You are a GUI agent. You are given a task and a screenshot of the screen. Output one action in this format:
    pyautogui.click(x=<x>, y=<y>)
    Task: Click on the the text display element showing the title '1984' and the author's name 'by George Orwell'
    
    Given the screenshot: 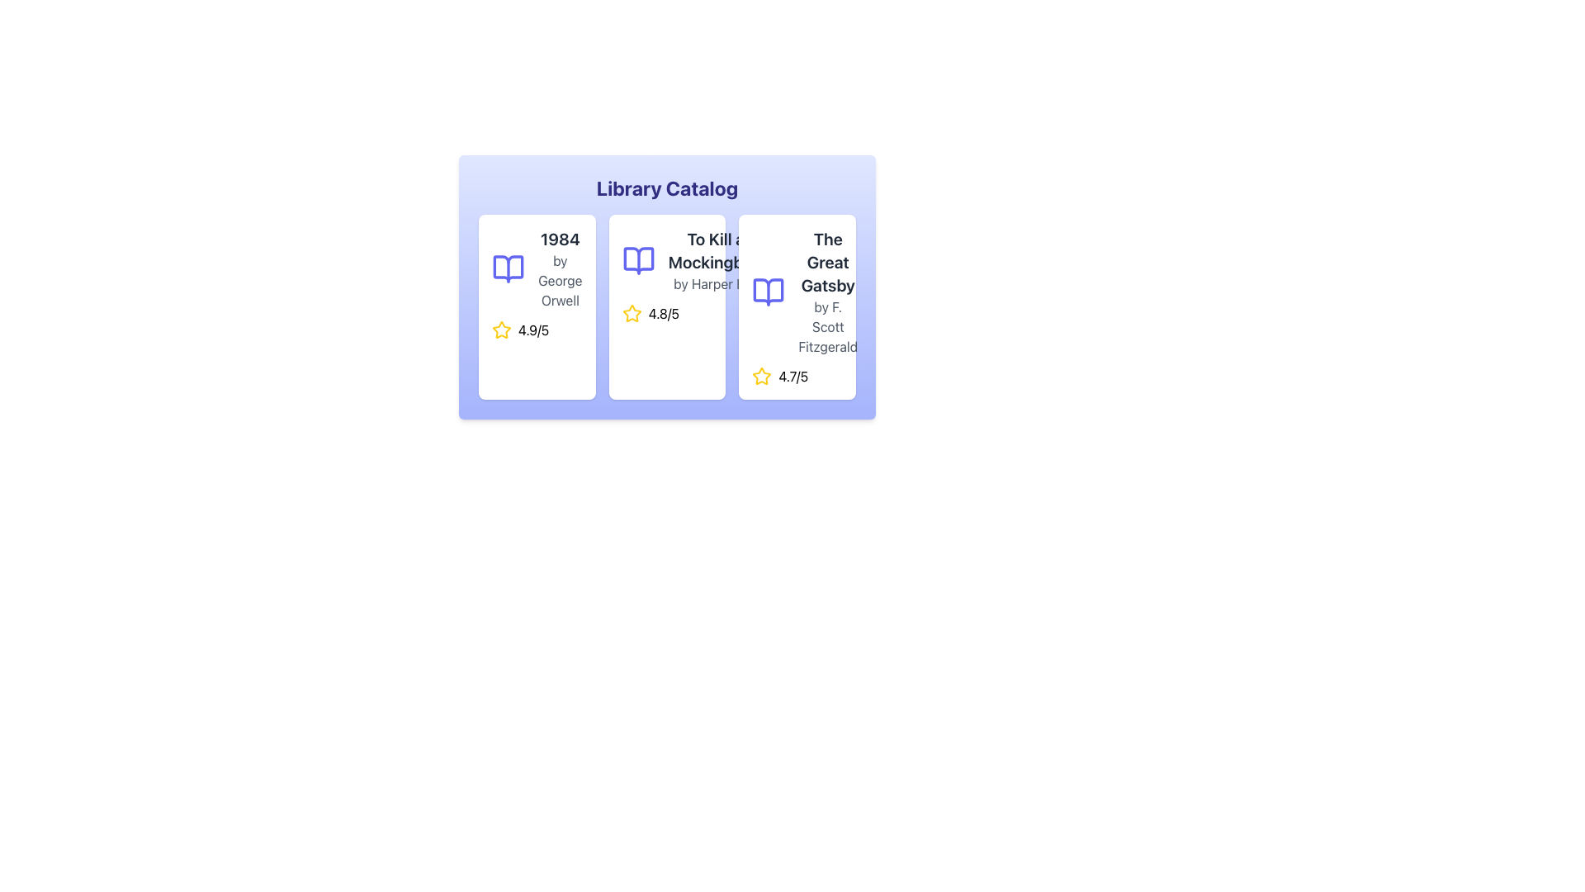 What is the action you would take?
    pyautogui.click(x=560, y=268)
    